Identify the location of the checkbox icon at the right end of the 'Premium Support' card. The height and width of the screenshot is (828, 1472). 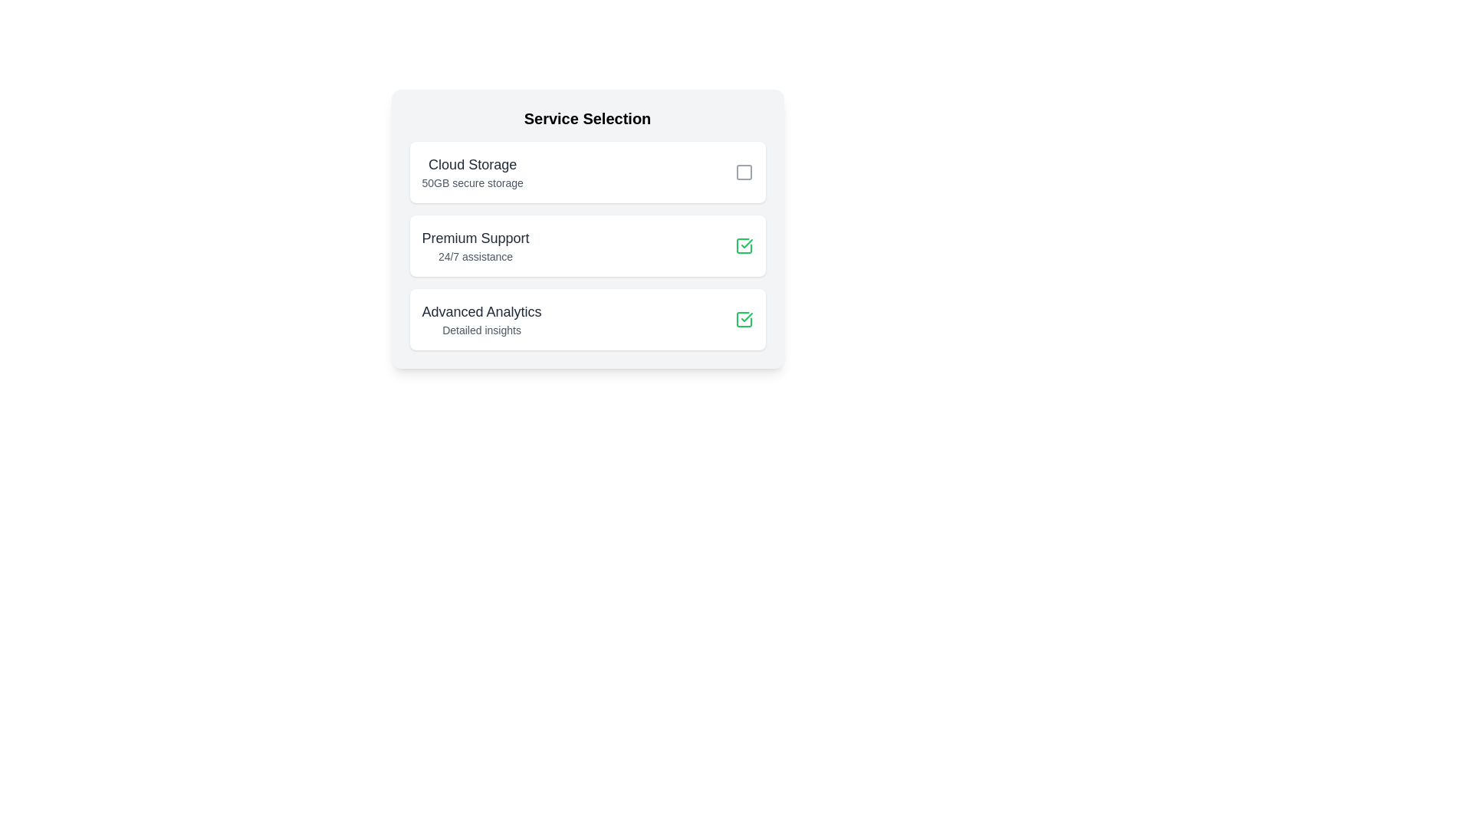
(744, 245).